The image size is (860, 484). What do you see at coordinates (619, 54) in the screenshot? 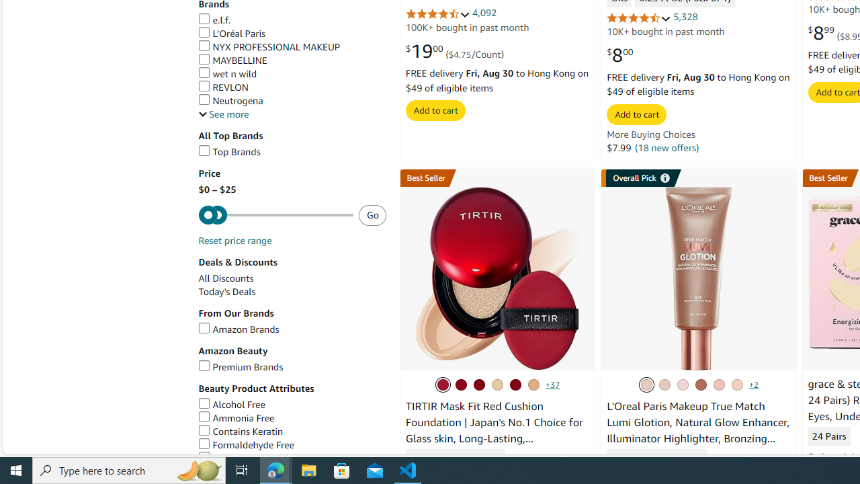
I see `'$8.00'` at bounding box center [619, 54].